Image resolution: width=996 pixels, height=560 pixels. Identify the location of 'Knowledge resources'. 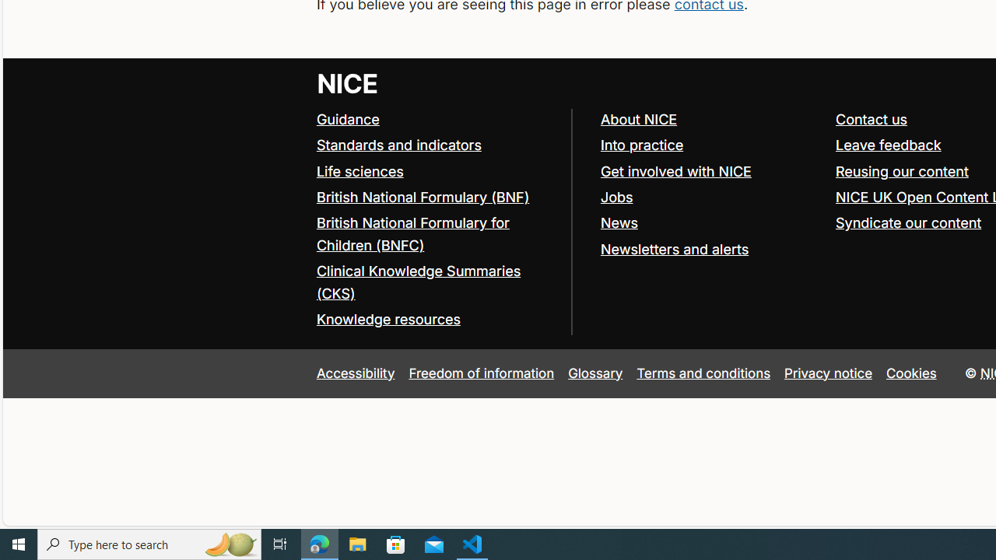
(388, 319).